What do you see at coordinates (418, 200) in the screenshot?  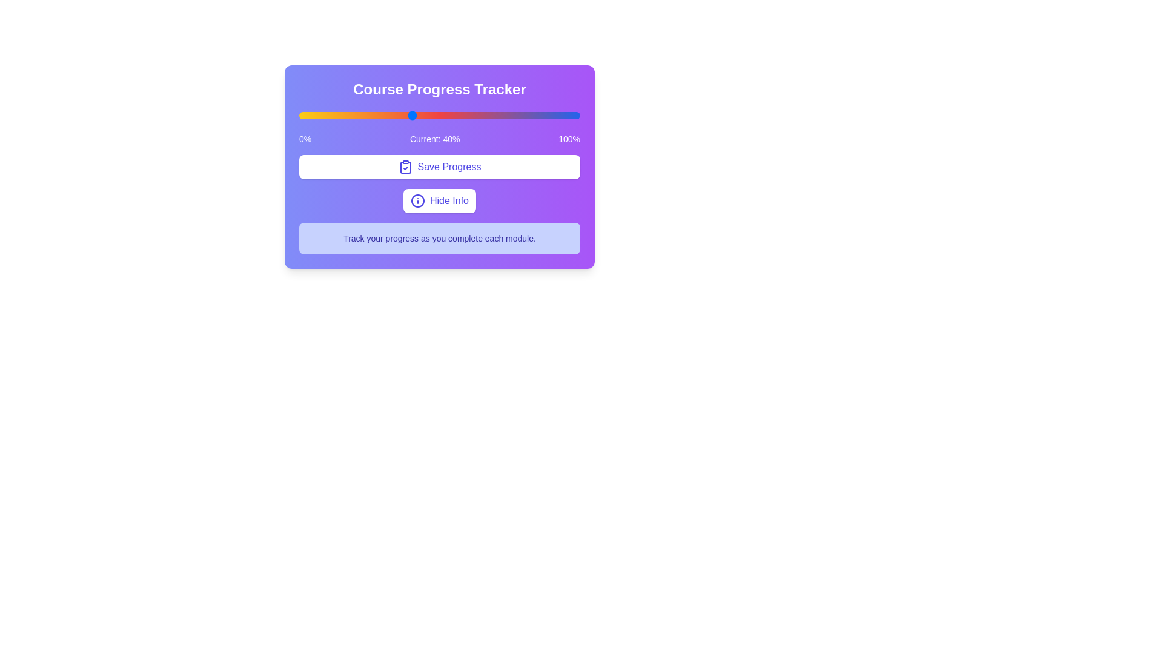 I see `the informational icon` at bounding box center [418, 200].